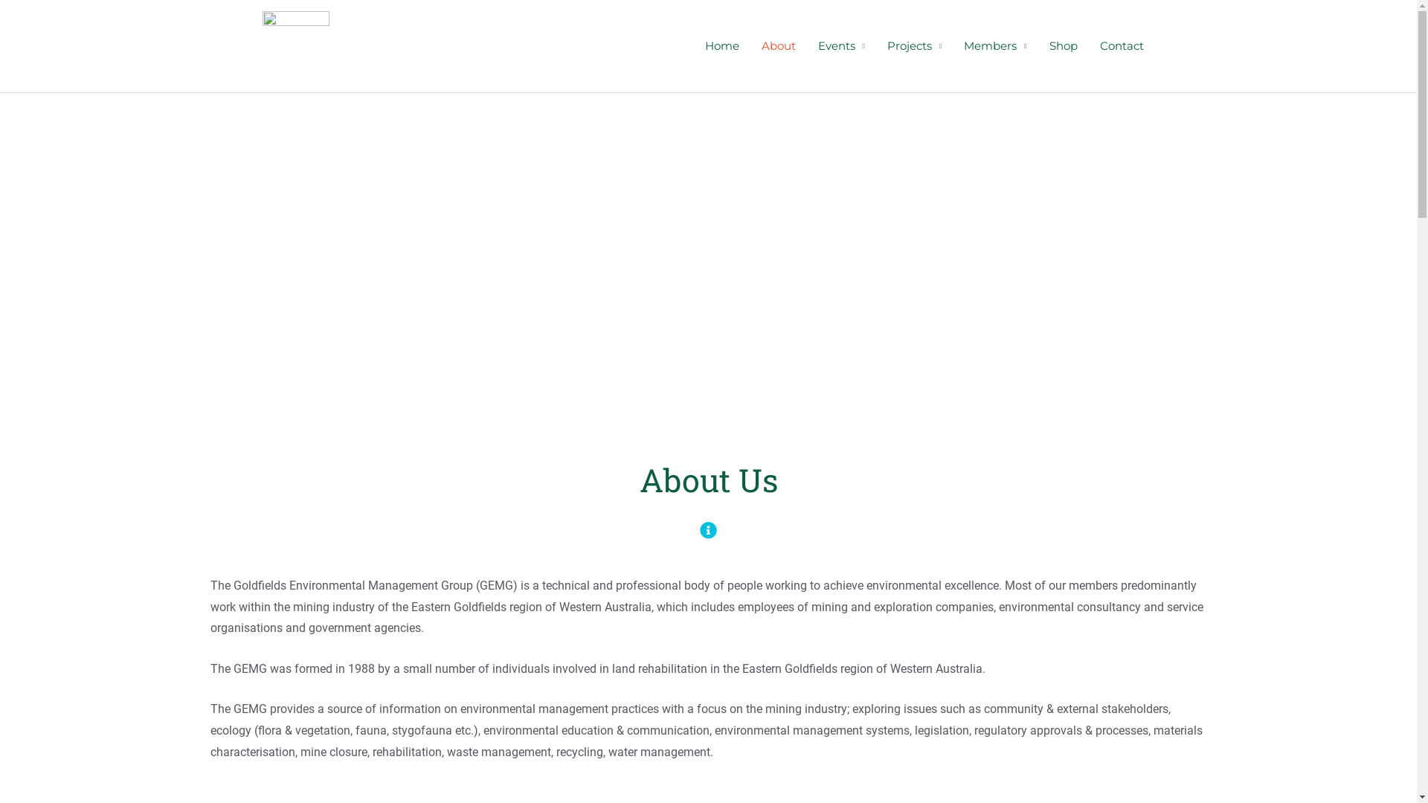 The image size is (1428, 803). I want to click on 'Shop', so click(1038, 45).